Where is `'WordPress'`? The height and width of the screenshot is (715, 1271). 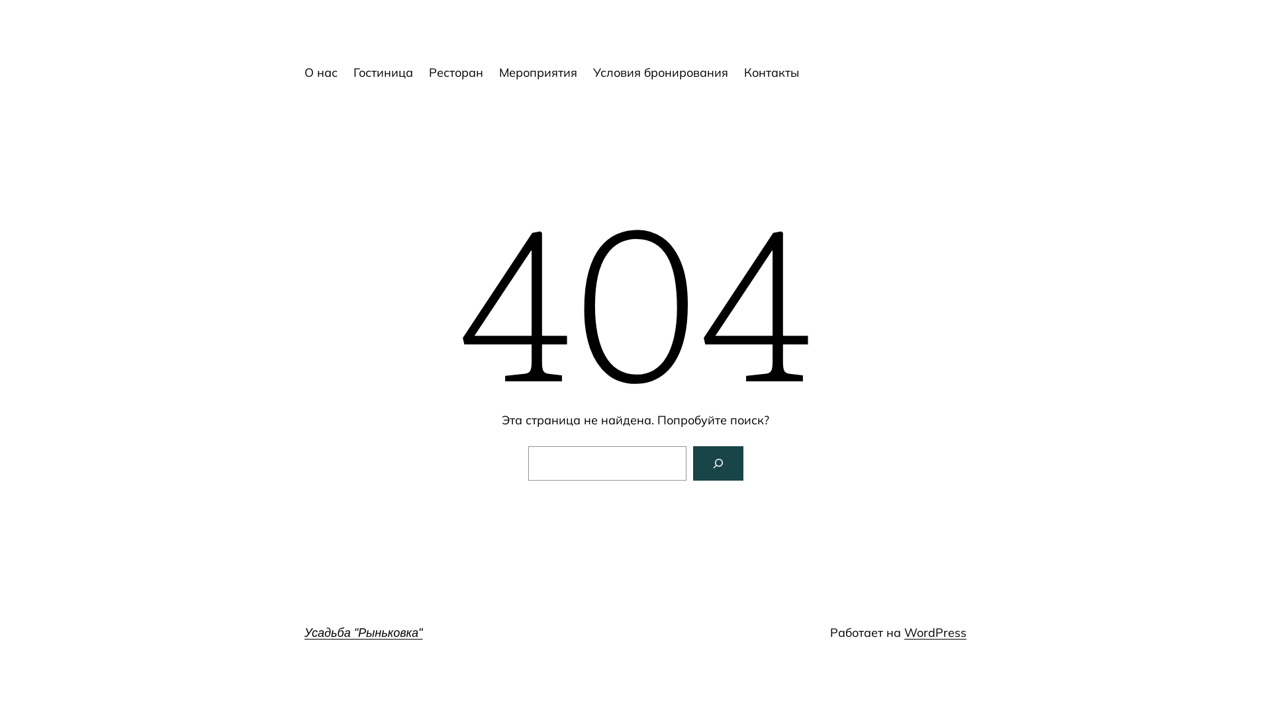
'WordPress' is located at coordinates (934, 632).